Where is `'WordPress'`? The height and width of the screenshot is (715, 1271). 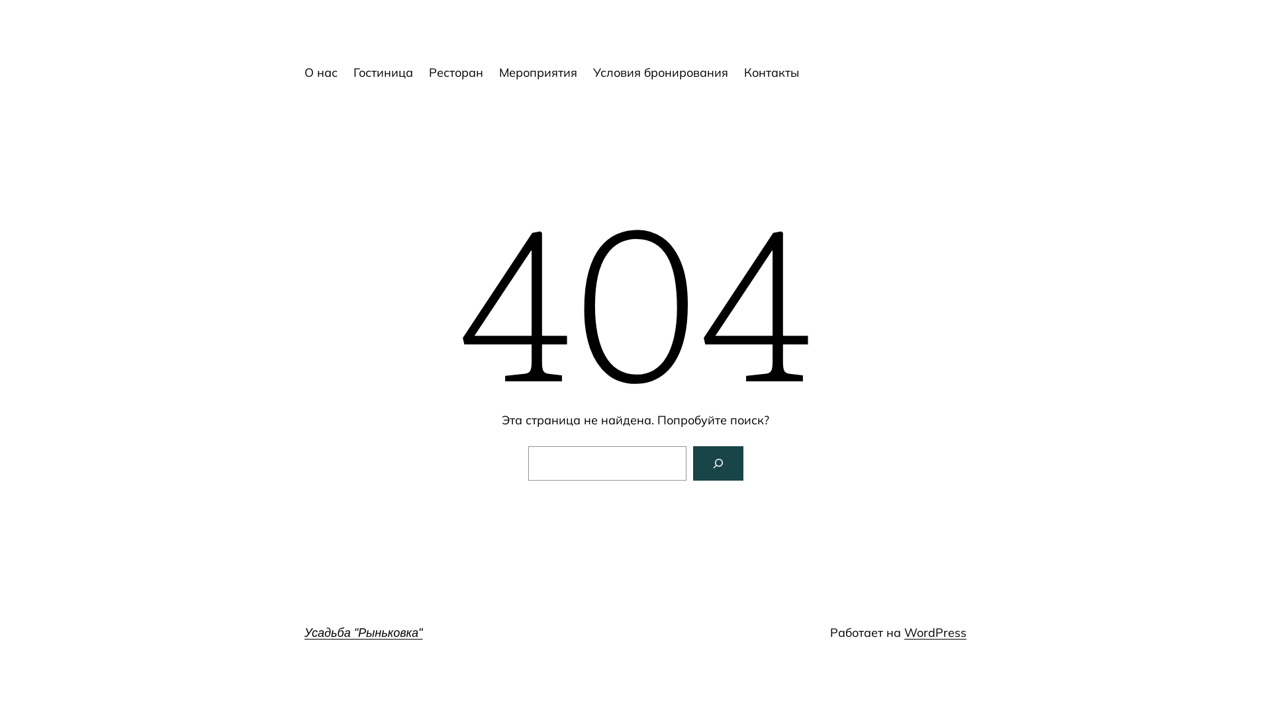
'WordPress' is located at coordinates (934, 632).